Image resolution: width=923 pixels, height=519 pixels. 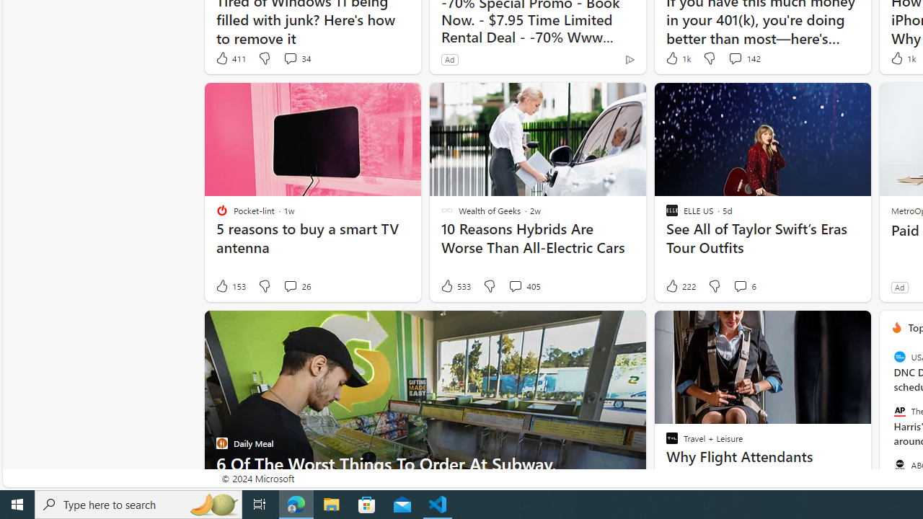 What do you see at coordinates (743, 58) in the screenshot?
I see `'View comments 142 Comment'` at bounding box center [743, 58].